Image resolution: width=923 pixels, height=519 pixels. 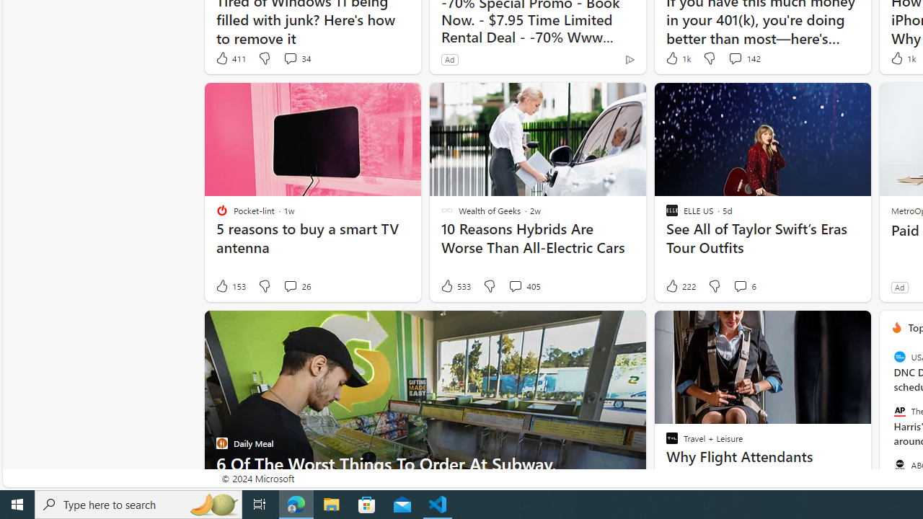 What do you see at coordinates (743, 58) in the screenshot?
I see `'View comments 142 Comment'` at bounding box center [743, 58].